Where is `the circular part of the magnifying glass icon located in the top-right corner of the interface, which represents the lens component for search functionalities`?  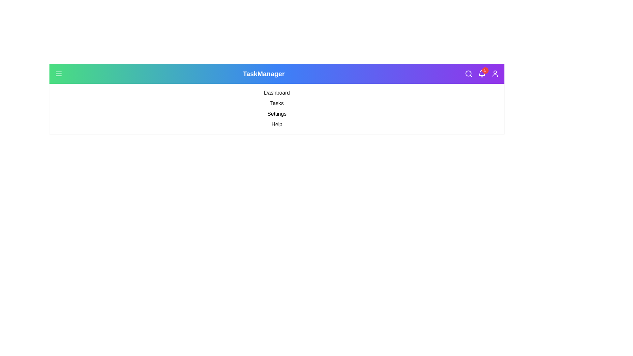
the circular part of the magnifying glass icon located in the top-right corner of the interface, which represents the lens component for search functionalities is located at coordinates (468, 74).